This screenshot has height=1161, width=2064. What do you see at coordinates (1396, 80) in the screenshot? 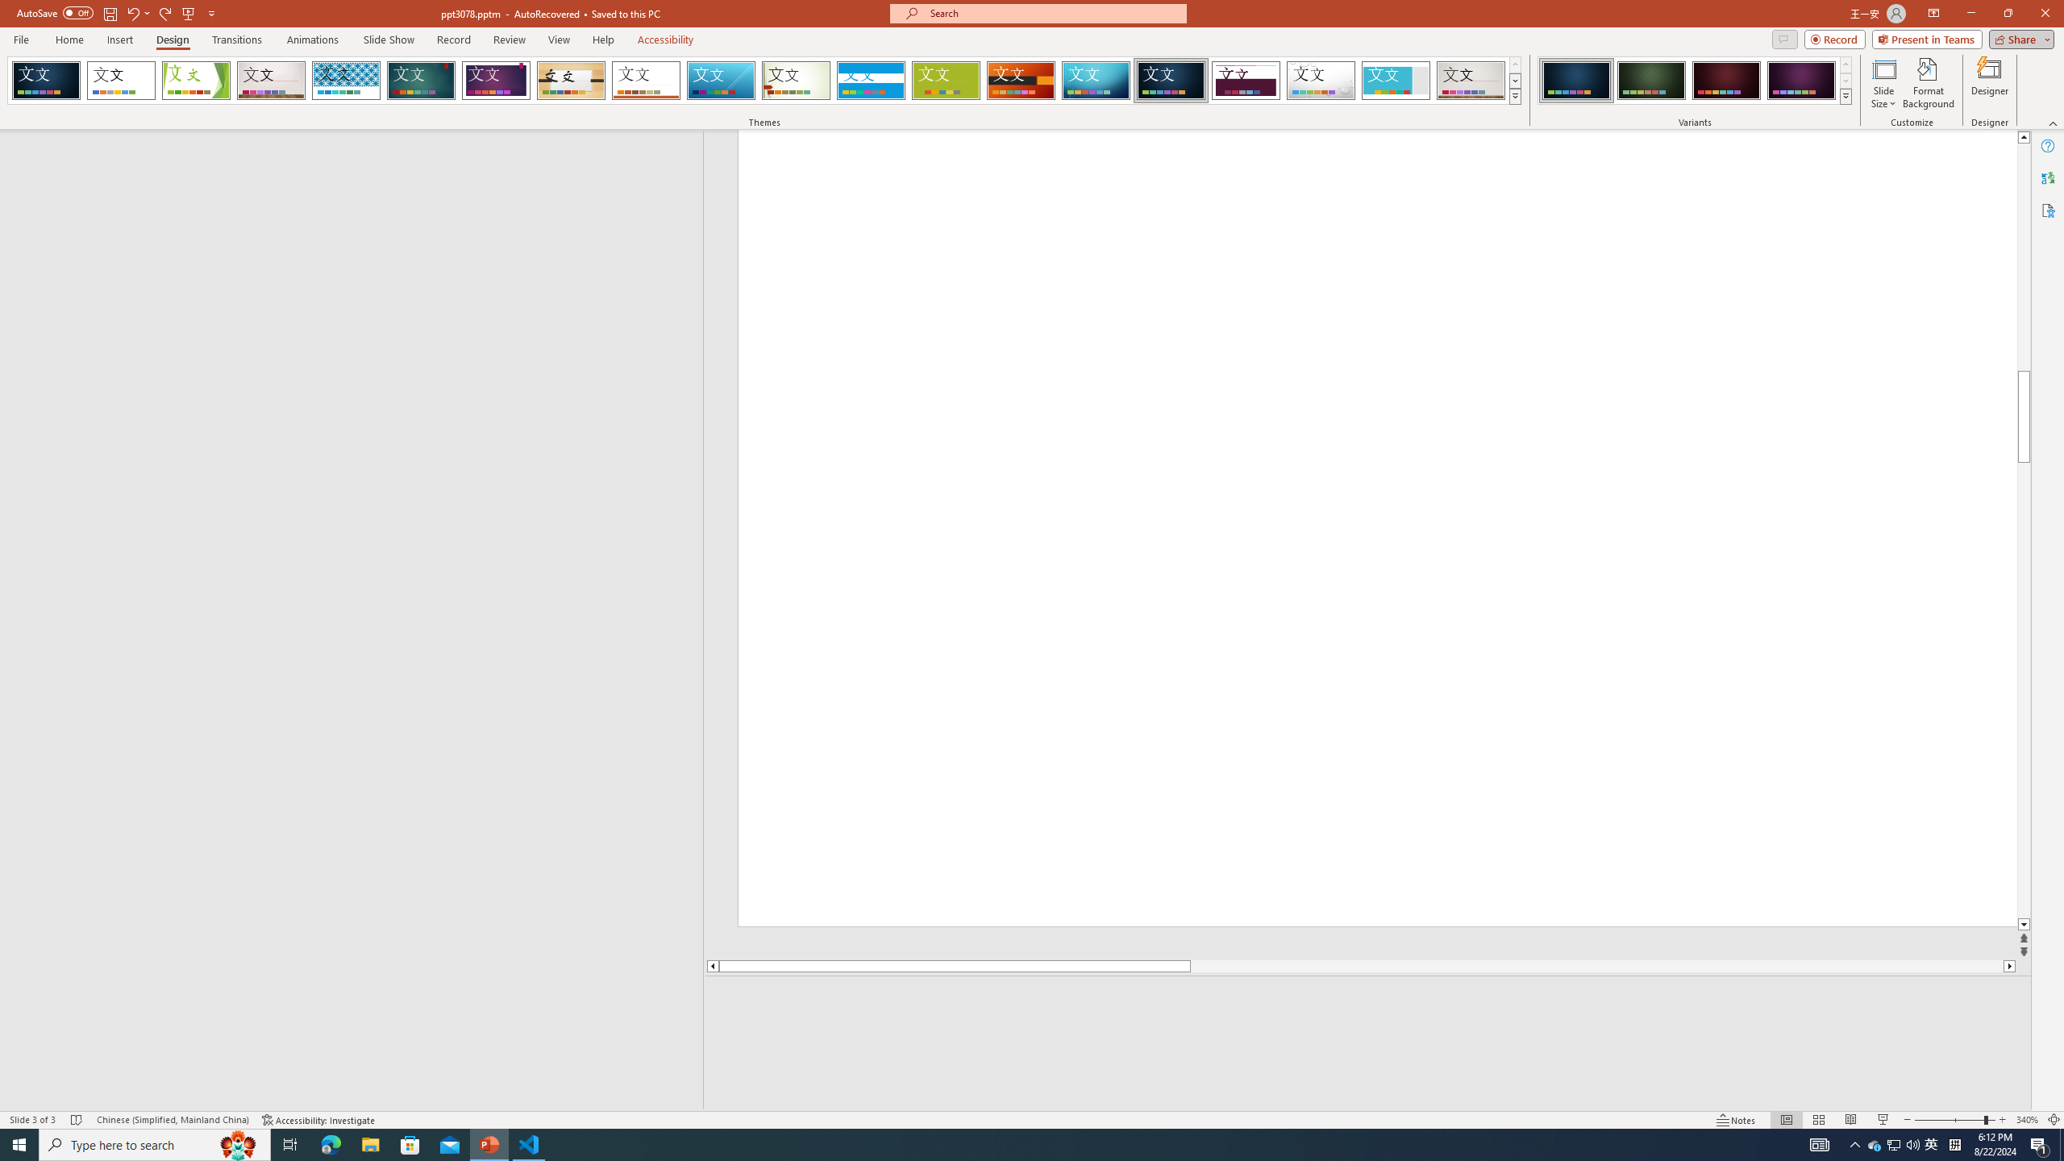
I see `'Frame'` at bounding box center [1396, 80].